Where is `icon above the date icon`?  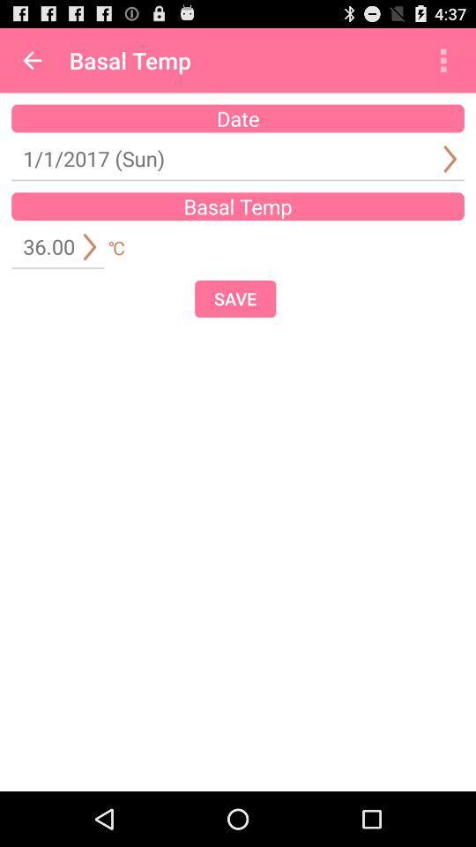
icon above the date icon is located at coordinates (32, 60).